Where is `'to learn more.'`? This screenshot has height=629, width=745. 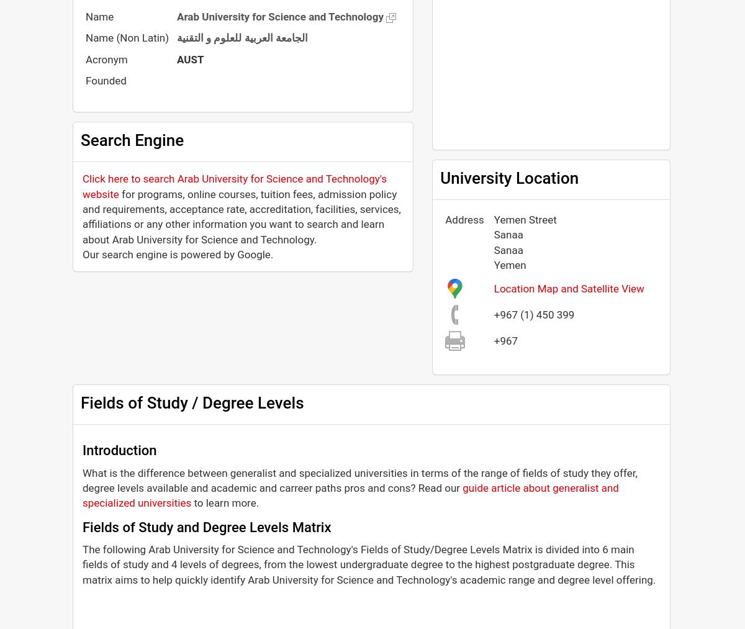
'to learn more.' is located at coordinates (225, 502).